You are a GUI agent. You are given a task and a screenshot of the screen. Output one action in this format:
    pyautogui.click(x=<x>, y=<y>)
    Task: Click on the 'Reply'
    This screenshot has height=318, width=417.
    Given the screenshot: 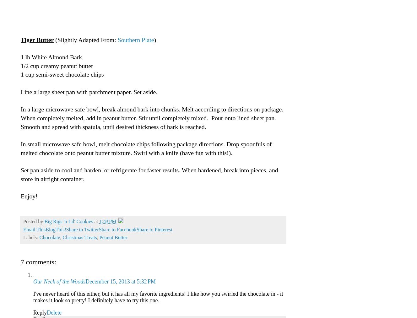 What is the action you would take?
    pyautogui.click(x=40, y=312)
    